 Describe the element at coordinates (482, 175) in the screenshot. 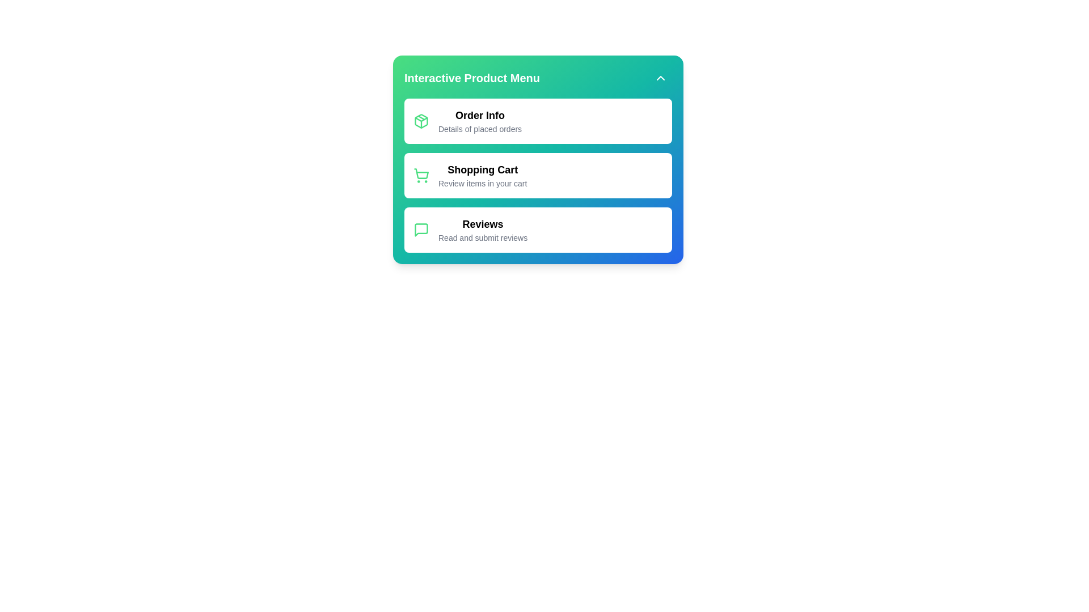

I see `the 'Shopping Cart' item to review items in your cart` at that location.